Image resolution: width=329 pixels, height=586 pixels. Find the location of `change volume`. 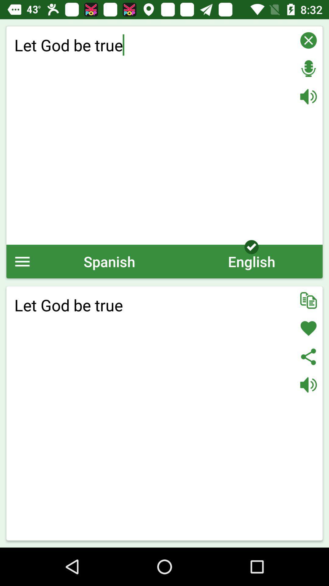

change volume is located at coordinates (308, 96).